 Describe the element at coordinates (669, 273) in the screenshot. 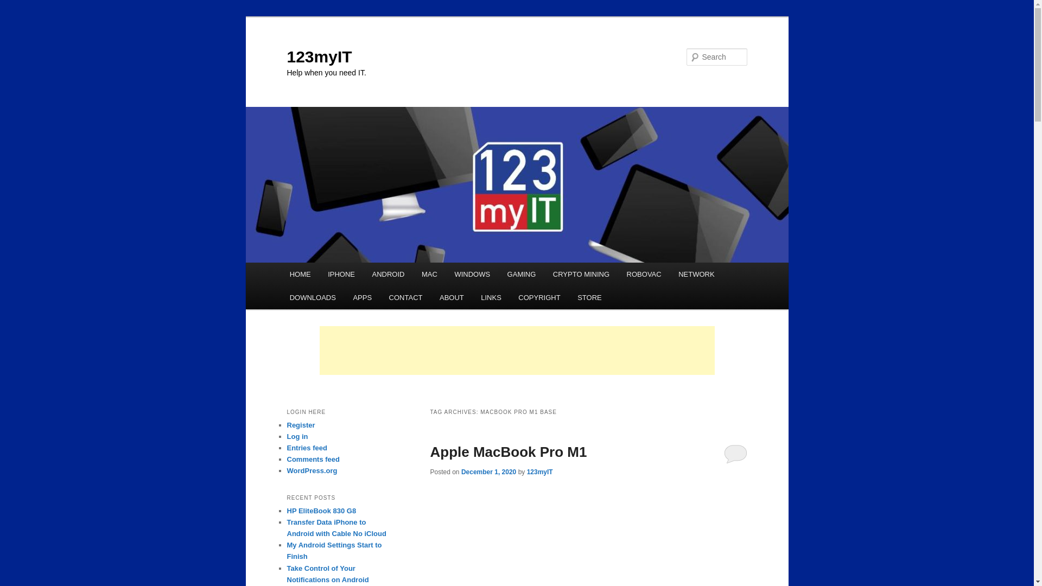

I see `'NETWORK'` at that location.